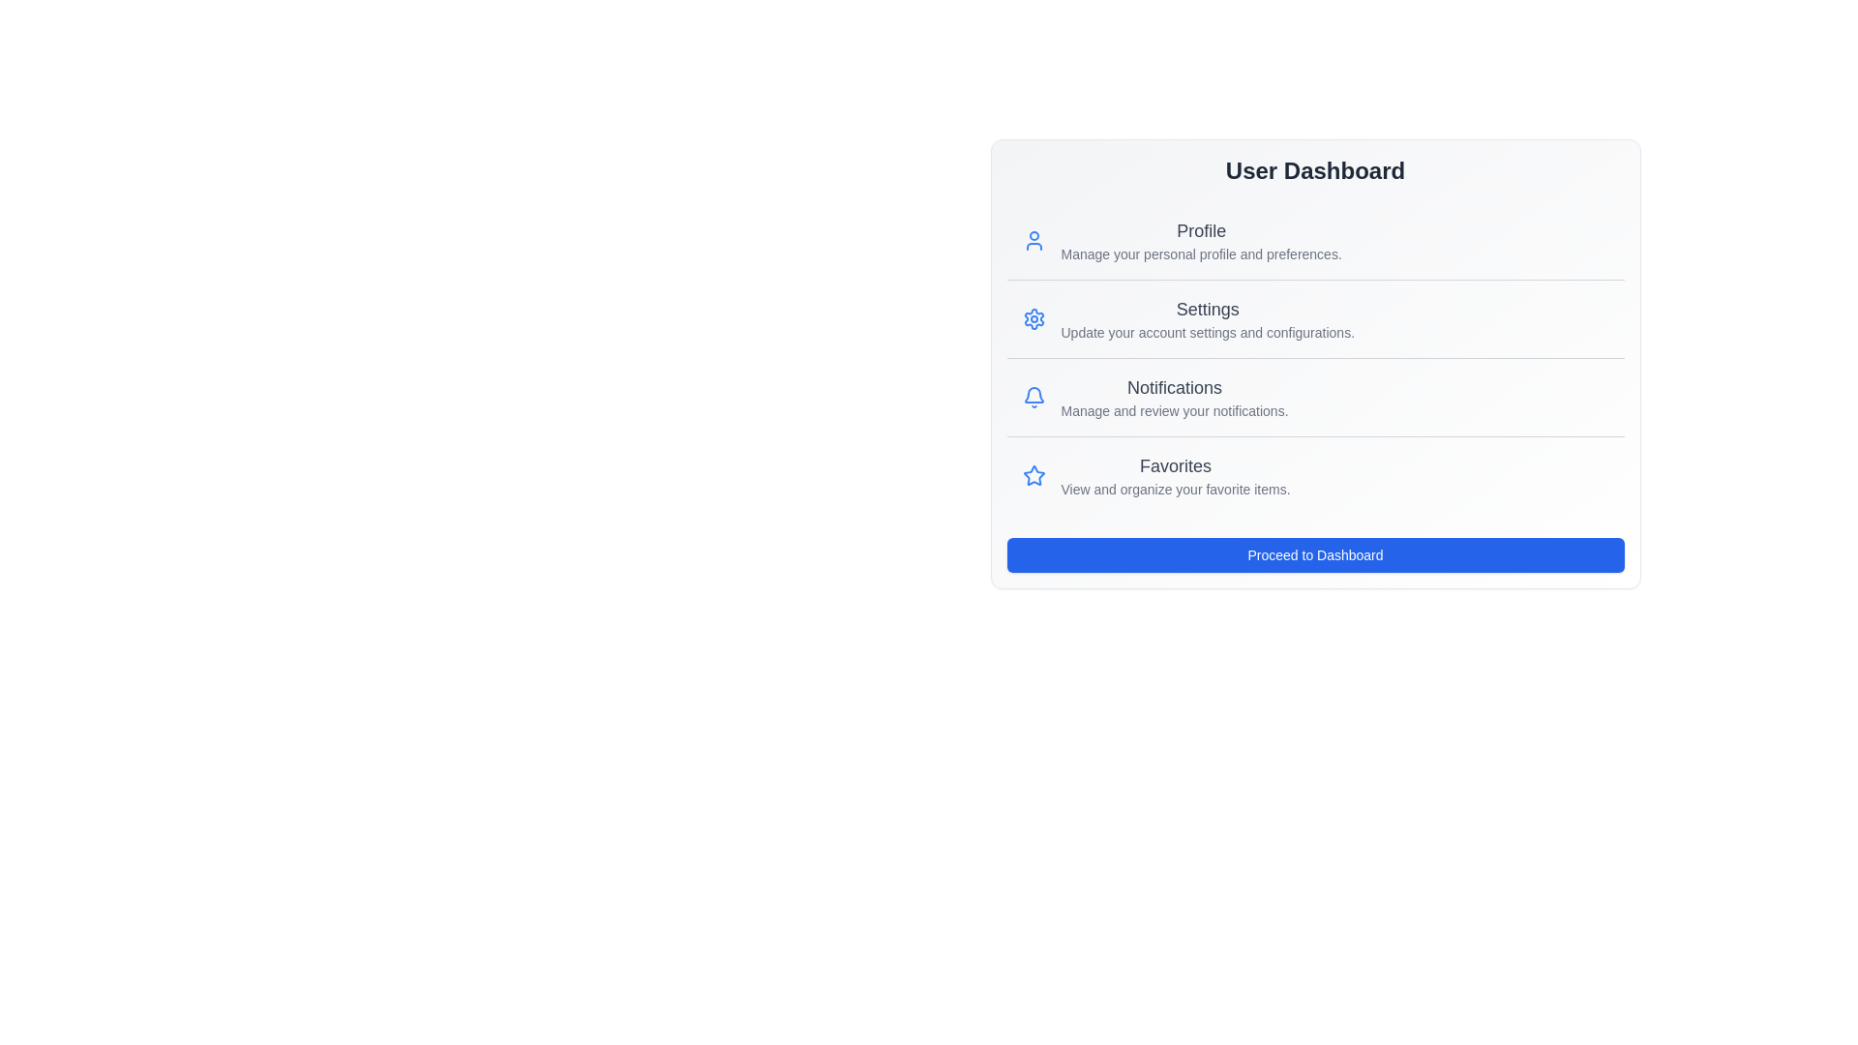  What do you see at coordinates (1033, 240) in the screenshot?
I see `the profile icon located to the left of the 'Profile' text in the 'User Dashboard' panel` at bounding box center [1033, 240].